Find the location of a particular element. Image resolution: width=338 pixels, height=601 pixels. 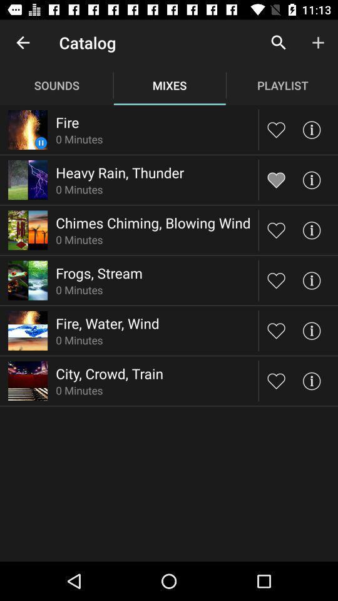

see info on selection is located at coordinates (310, 130).